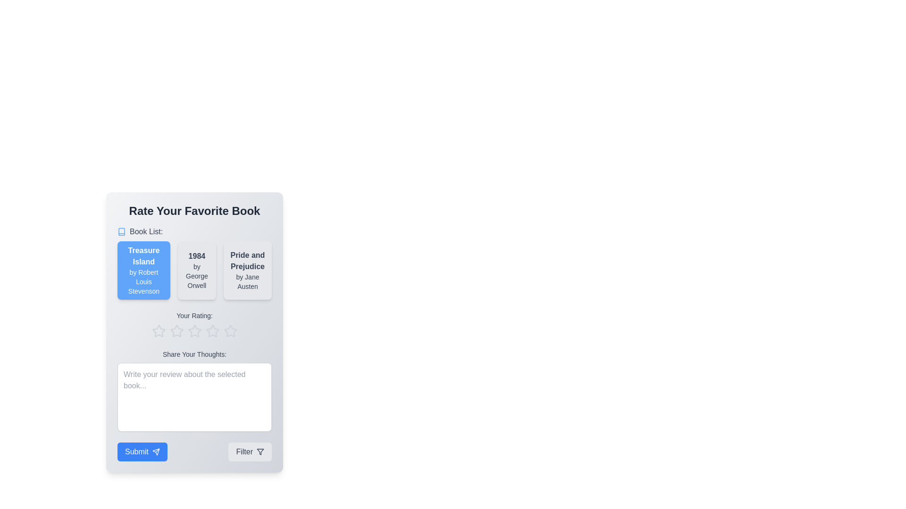  What do you see at coordinates (194, 354) in the screenshot?
I see `the label that instructs users to share their opinions, positioned above the text area for writing reviews` at bounding box center [194, 354].